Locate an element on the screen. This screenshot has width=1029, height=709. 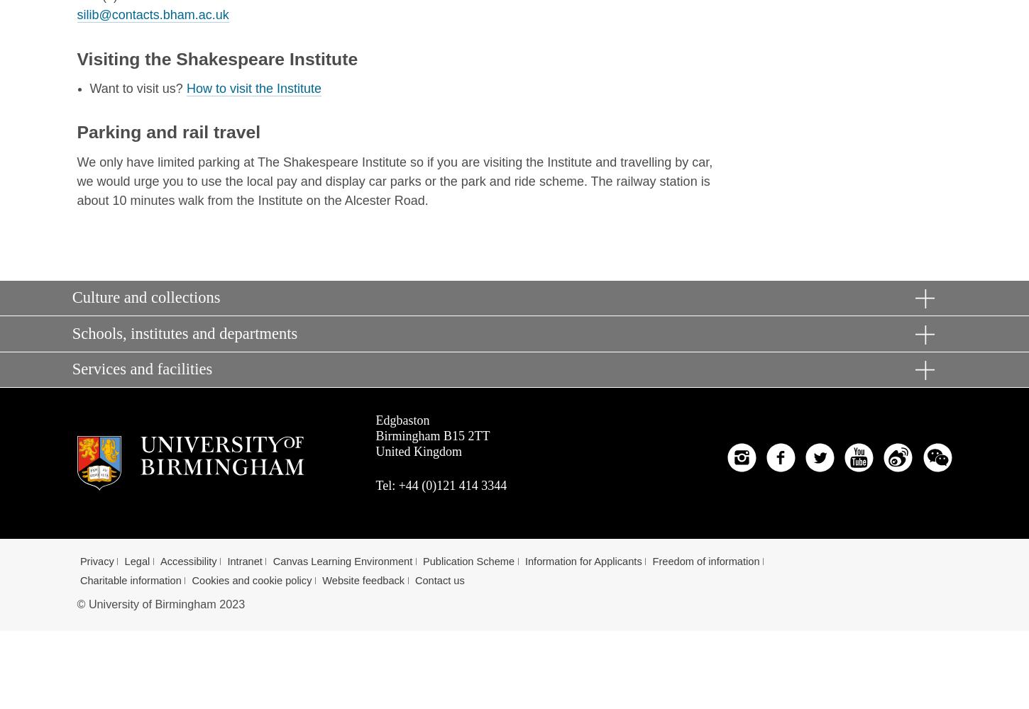
'silib@contacts.bham.ac.uk' is located at coordinates (152, 14).